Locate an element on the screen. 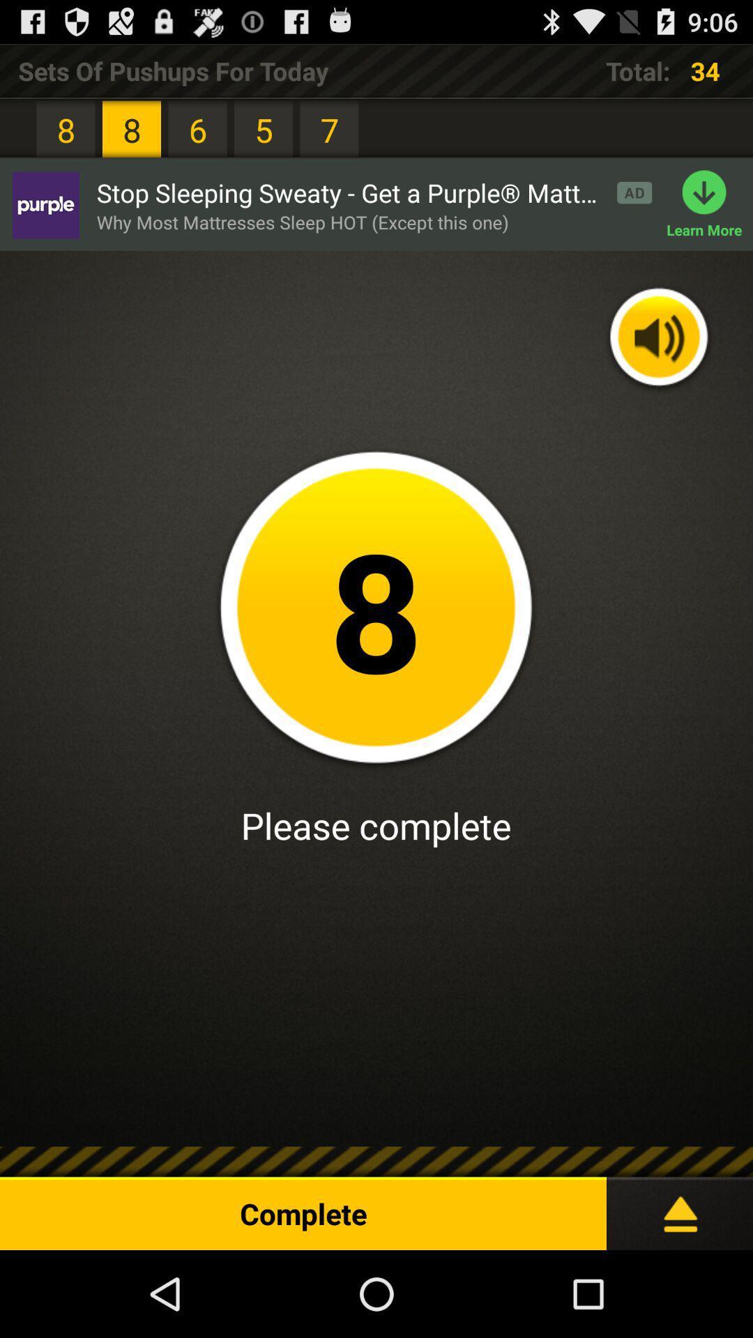 The width and height of the screenshot is (753, 1338). see more information is located at coordinates (679, 1207).